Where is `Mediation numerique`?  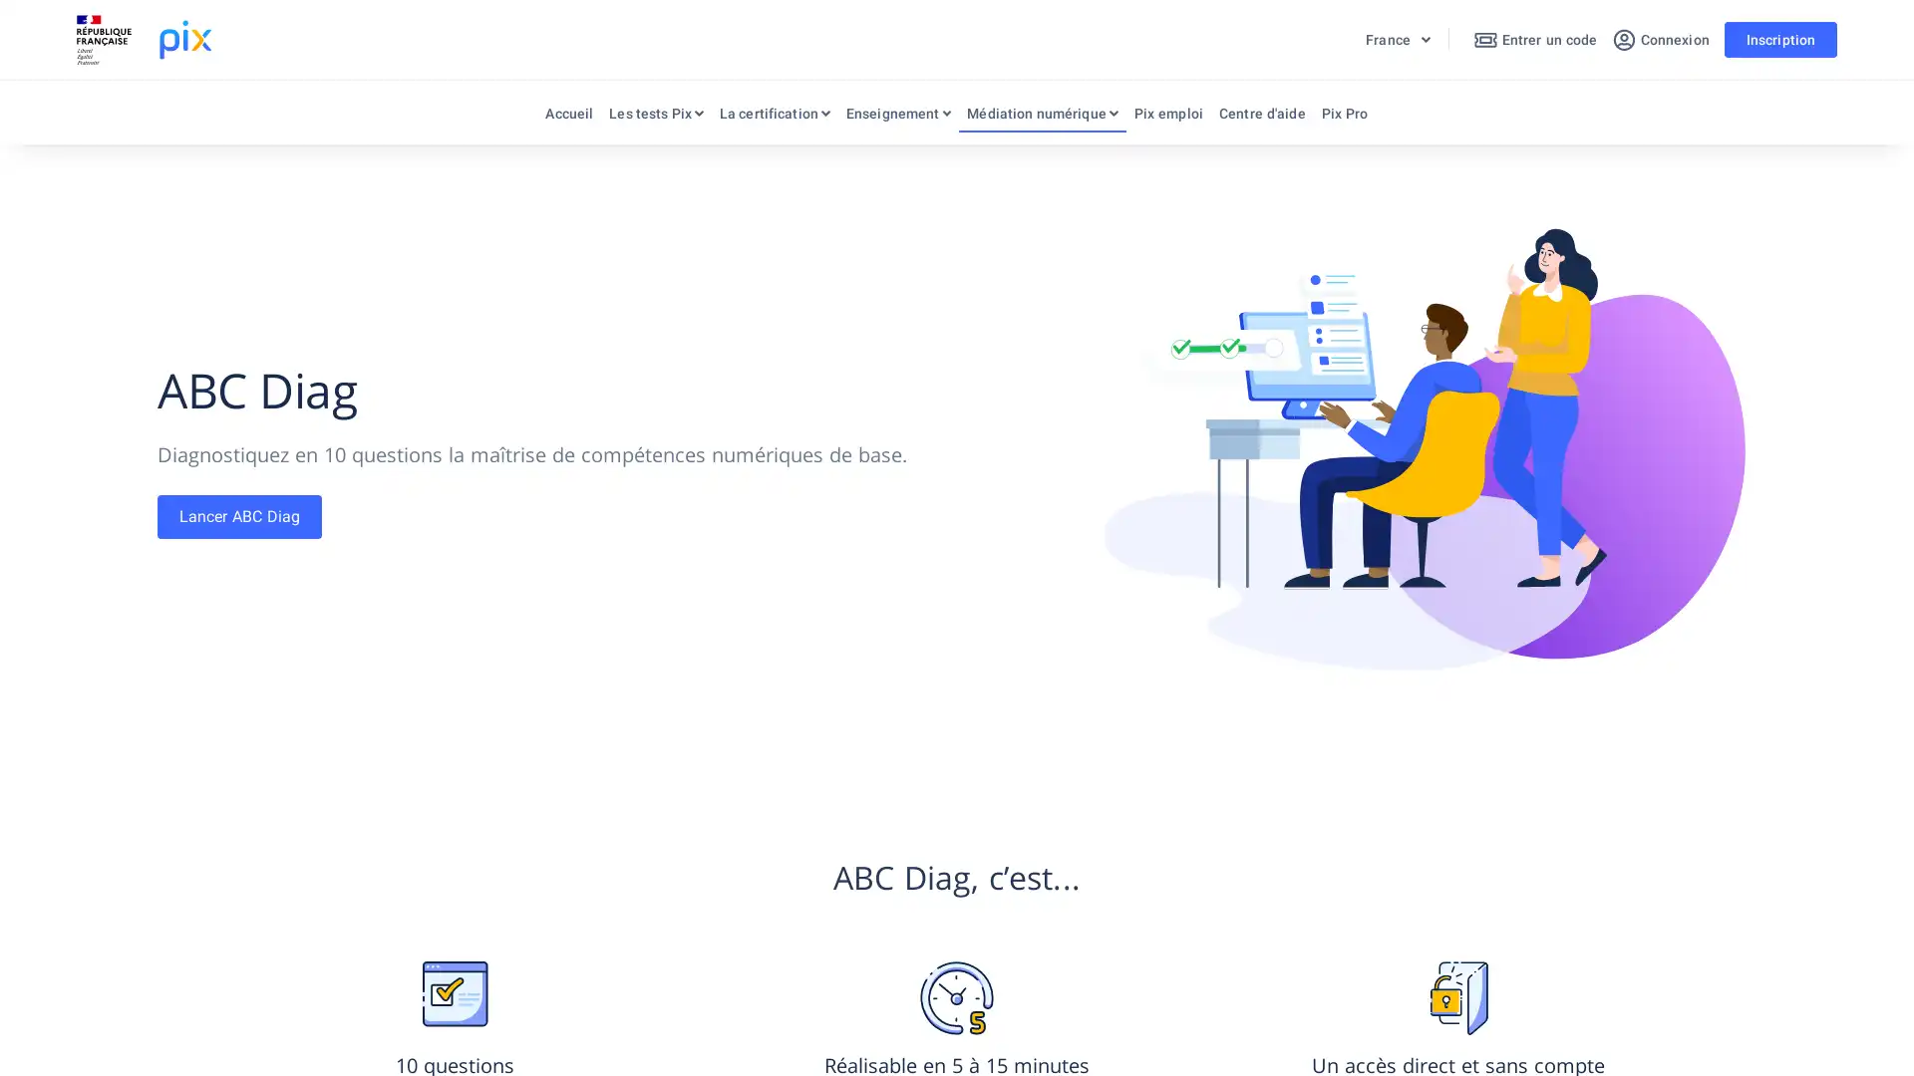 Mediation numerique is located at coordinates (1041, 118).